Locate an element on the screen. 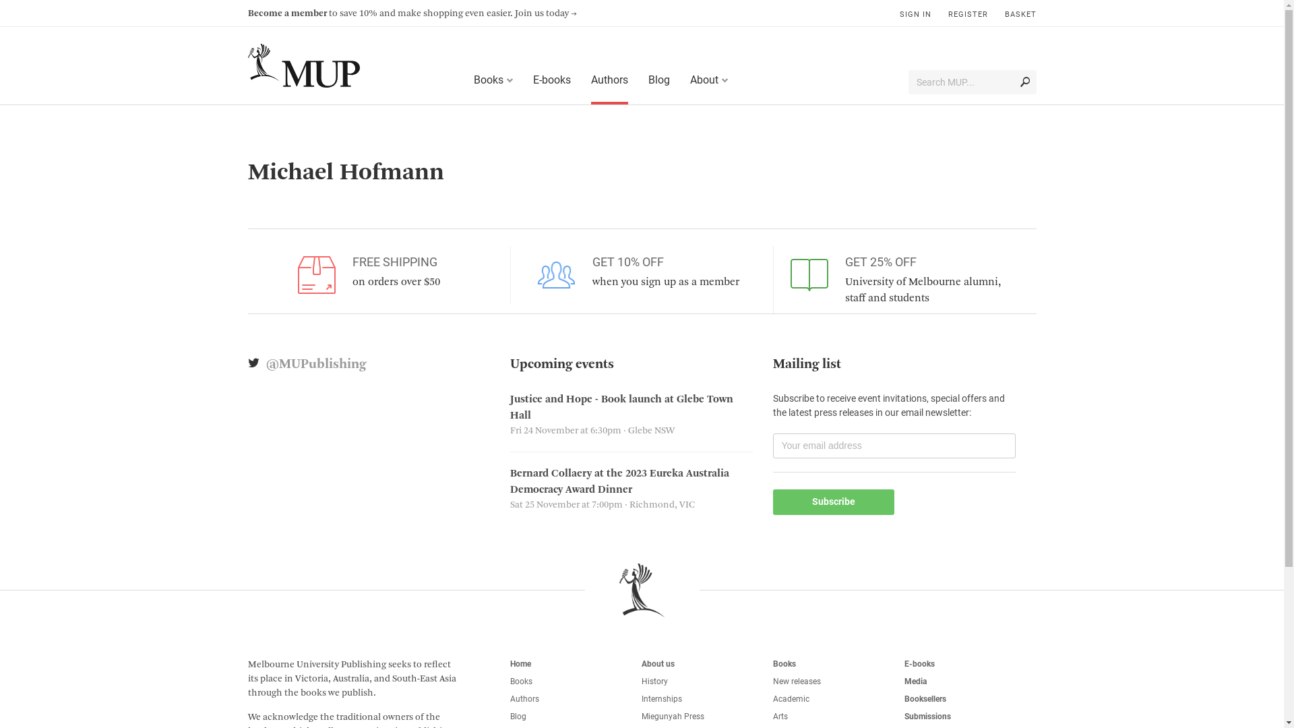 The image size is (1294, 728). 'Authors' is located at coordinates (581, 81).